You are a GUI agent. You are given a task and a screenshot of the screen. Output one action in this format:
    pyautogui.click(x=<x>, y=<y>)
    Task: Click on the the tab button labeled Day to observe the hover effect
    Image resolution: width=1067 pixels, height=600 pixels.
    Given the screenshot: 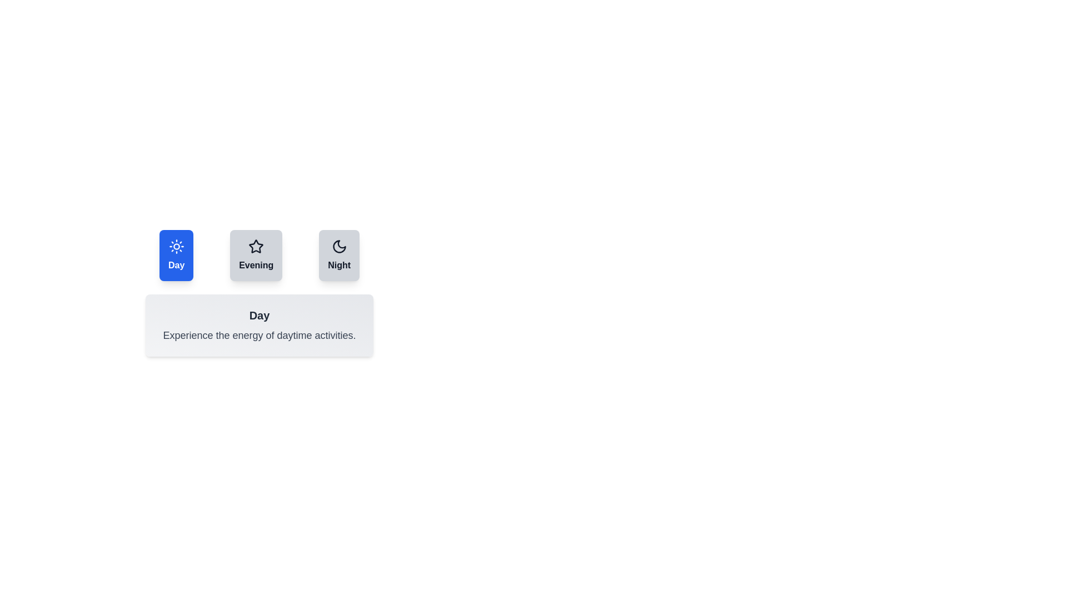 What is the action you would take?
    pyautogui.click(x=176, y=255)
    